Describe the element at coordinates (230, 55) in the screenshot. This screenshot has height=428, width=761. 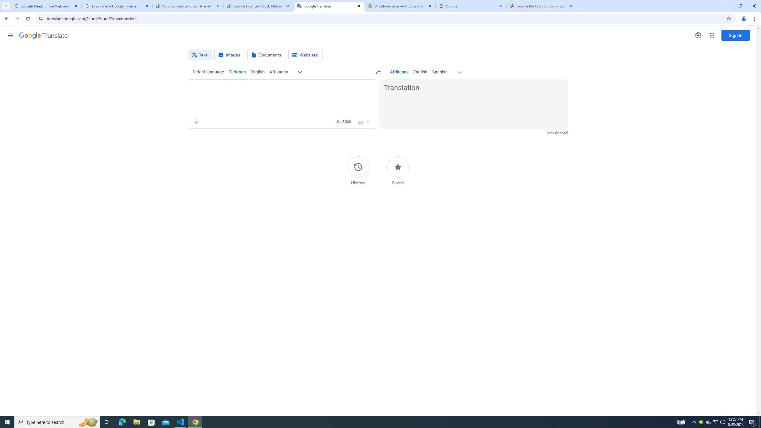
I see `'Image translation'` at that location.